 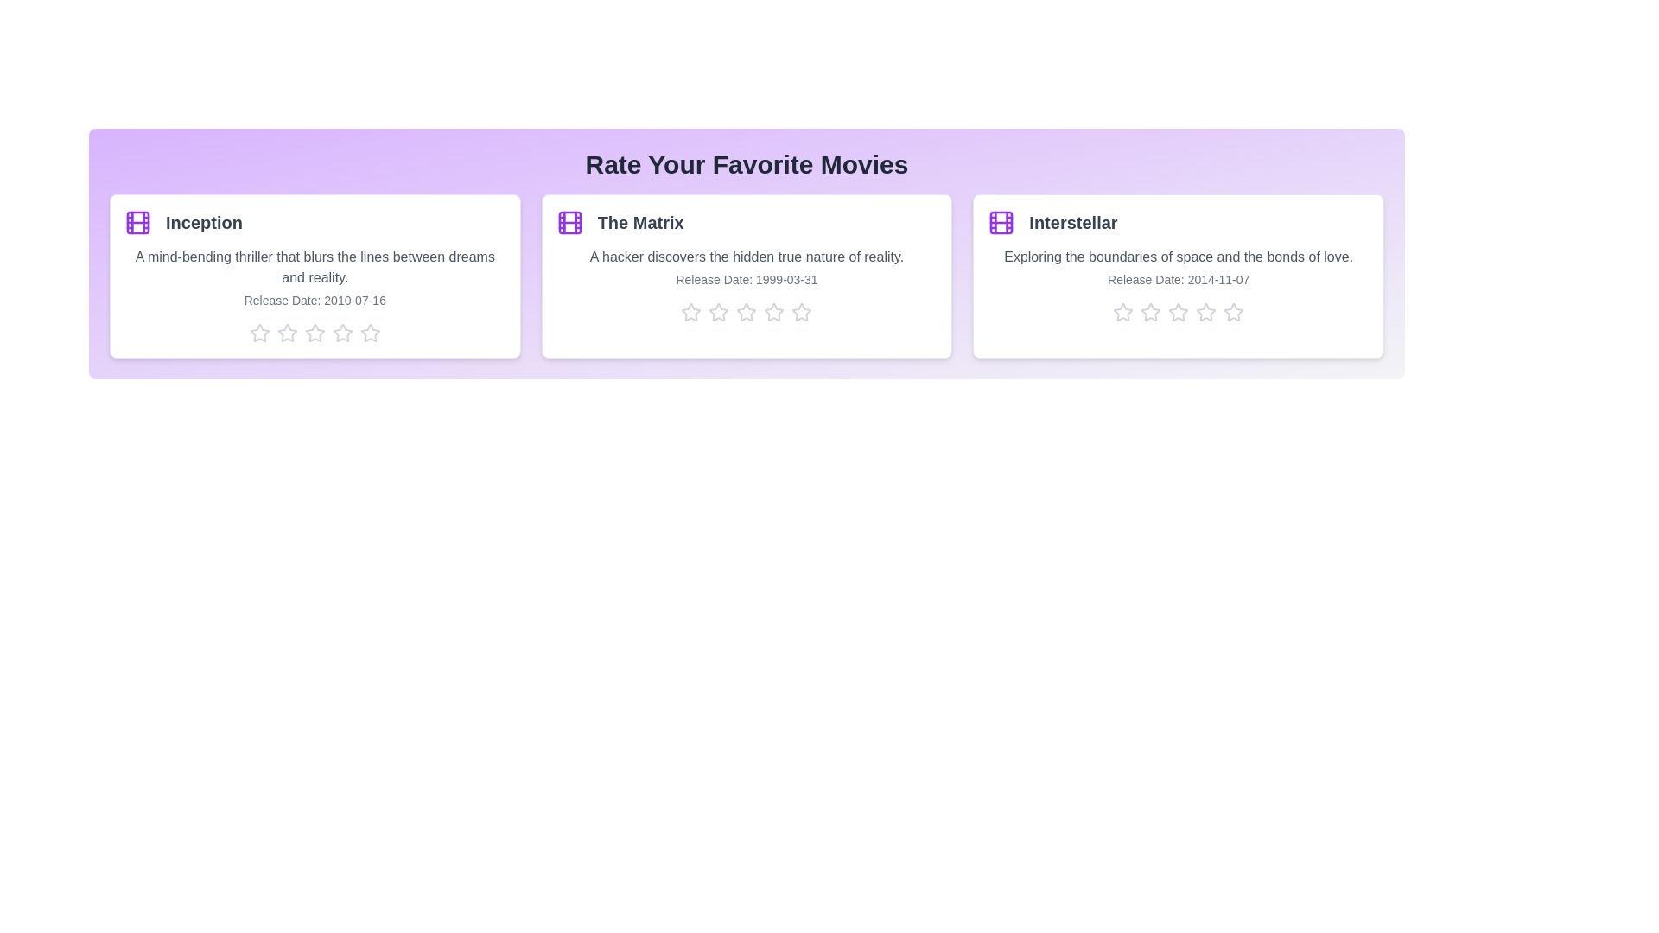 What do you see at coordinates (1178, 313) in the screenshot?
I see `the star corresponding to 3 stars for the movie Interstellar` at bounding box center [1178, 313].